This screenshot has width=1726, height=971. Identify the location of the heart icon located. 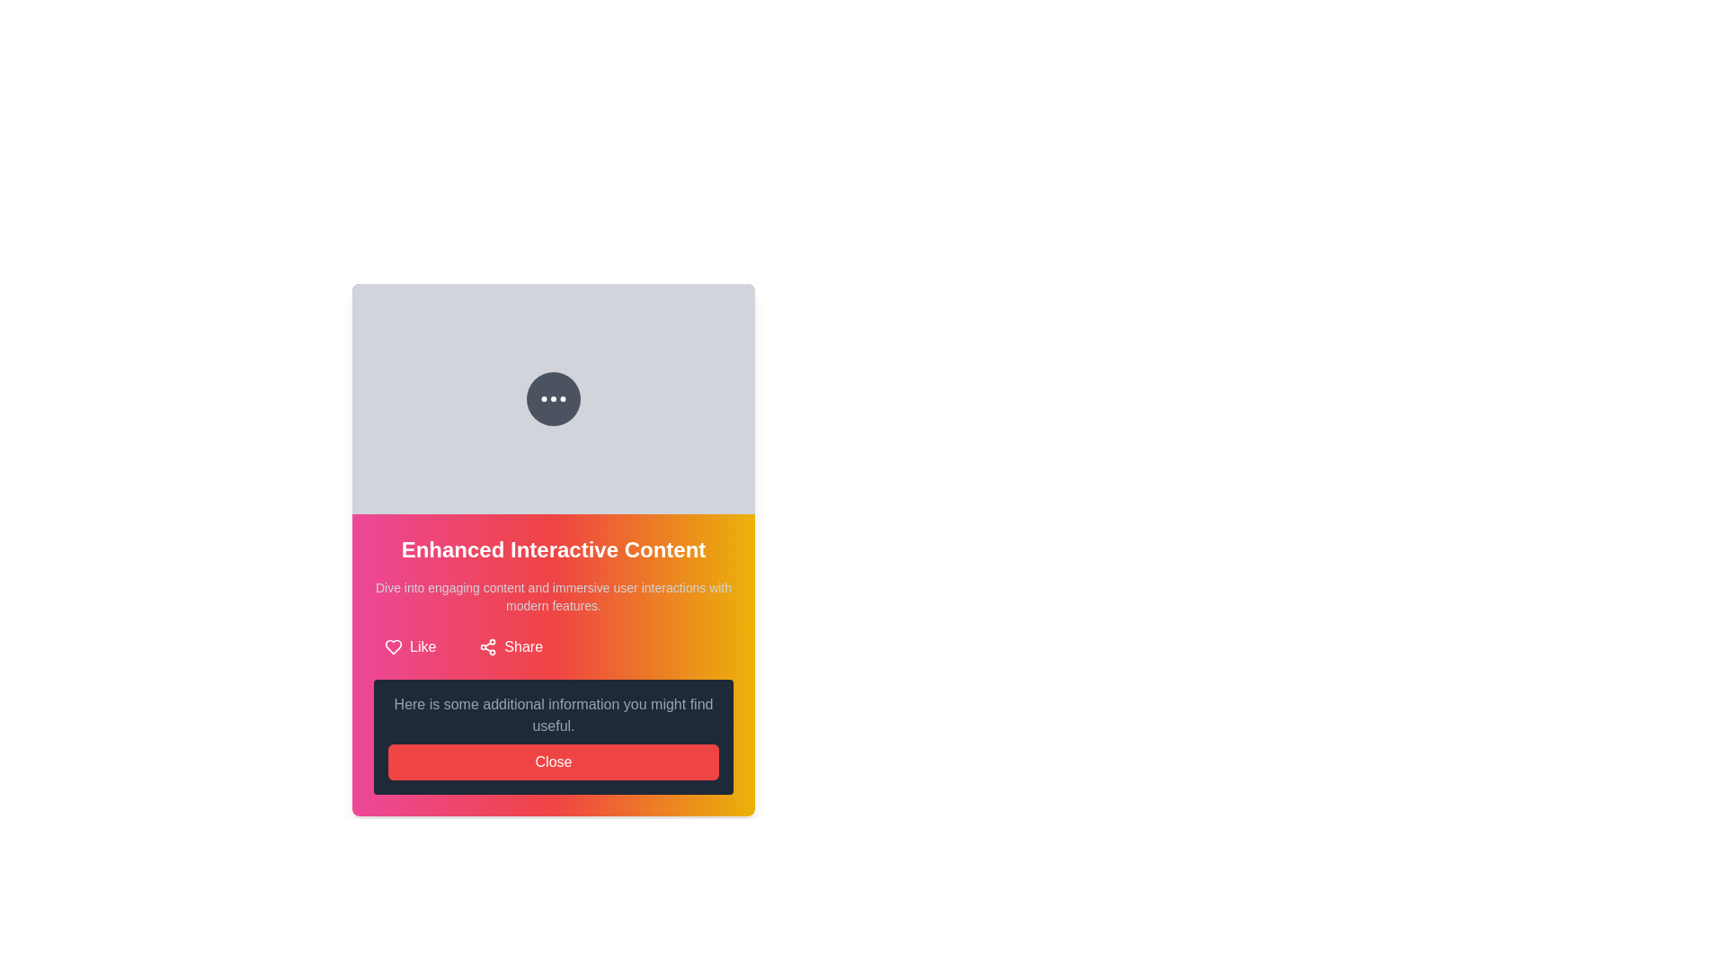
(392, 647).